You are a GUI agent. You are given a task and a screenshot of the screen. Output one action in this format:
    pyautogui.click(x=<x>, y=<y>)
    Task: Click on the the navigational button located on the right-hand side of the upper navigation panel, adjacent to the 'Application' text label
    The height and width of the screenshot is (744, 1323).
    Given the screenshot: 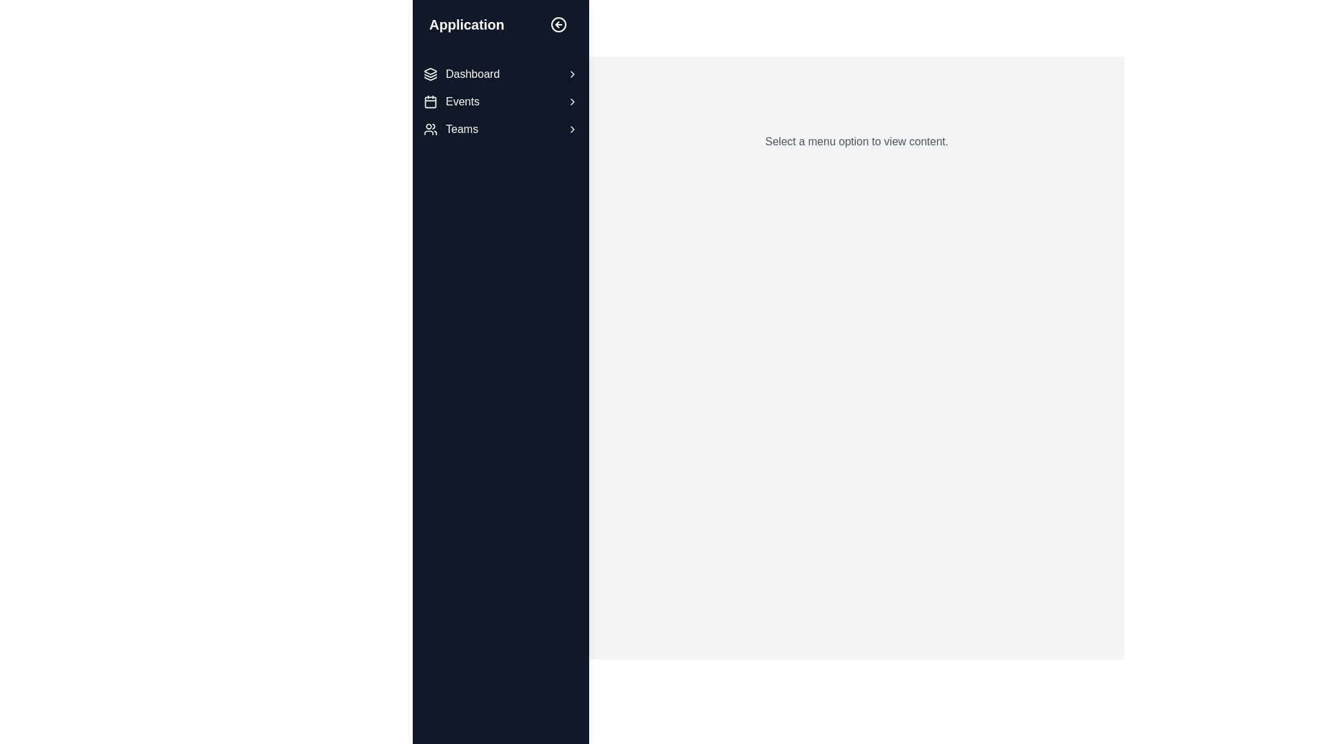 What is the action you would take?
    pyautogui.click(x=559, y=24)
    